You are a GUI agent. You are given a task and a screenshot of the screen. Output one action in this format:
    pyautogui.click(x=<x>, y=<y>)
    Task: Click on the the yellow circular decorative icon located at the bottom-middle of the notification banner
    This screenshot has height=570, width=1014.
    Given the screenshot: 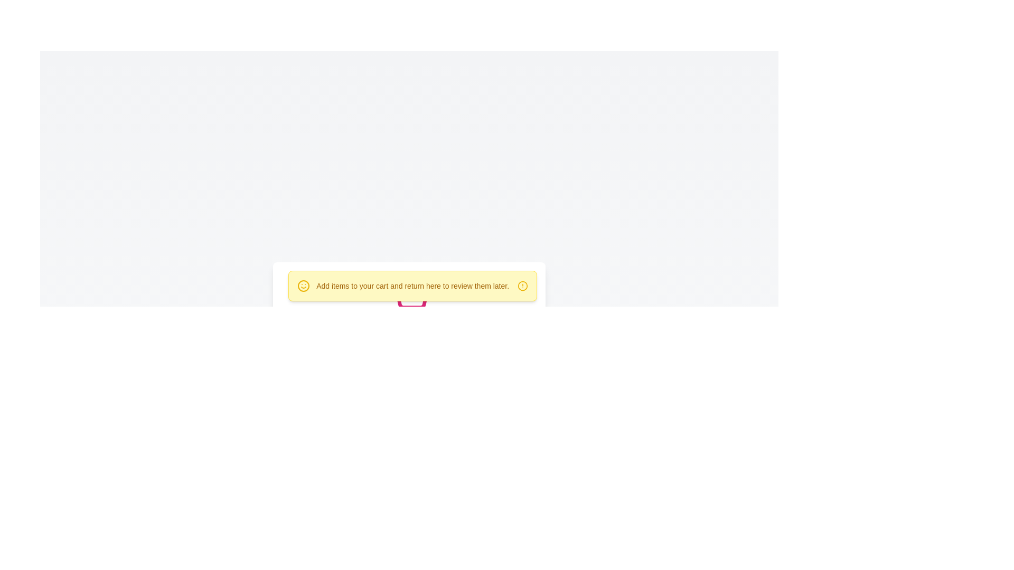 What is the action you would take?
    pyautogui.click(x=523, y=286)
    